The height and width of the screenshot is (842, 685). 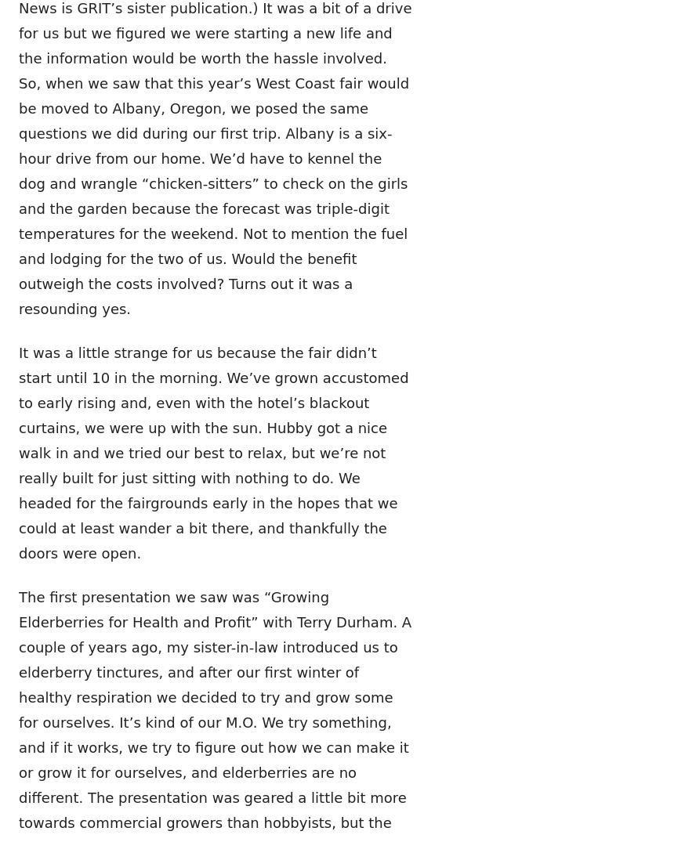 What do you see at coordinates (342, 604) in the screenshot?
I see `'Gift Orders'` at bounding box center [342, 604].